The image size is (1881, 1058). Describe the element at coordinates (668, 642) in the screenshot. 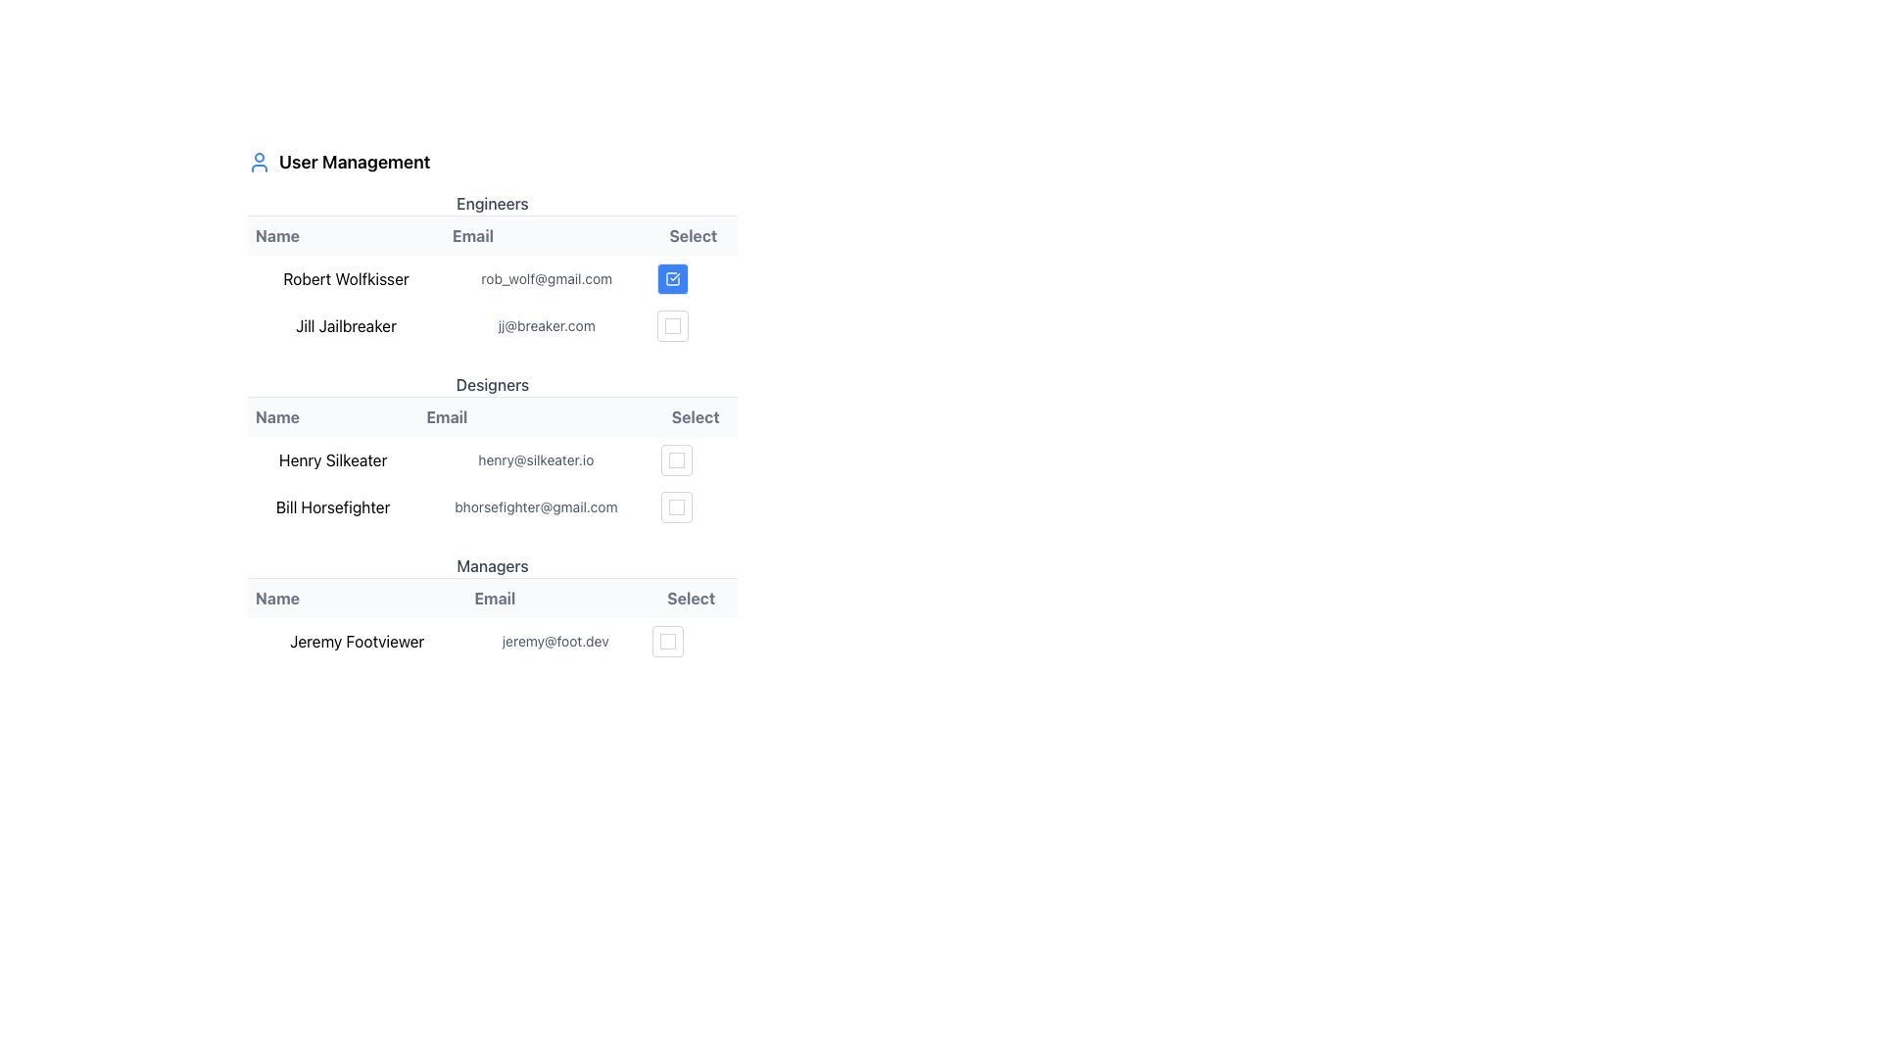

I see `the checkbox associated with the user 'Jeremy Footviewer' in the 'Select' column of the 'Managers' section` at that location.